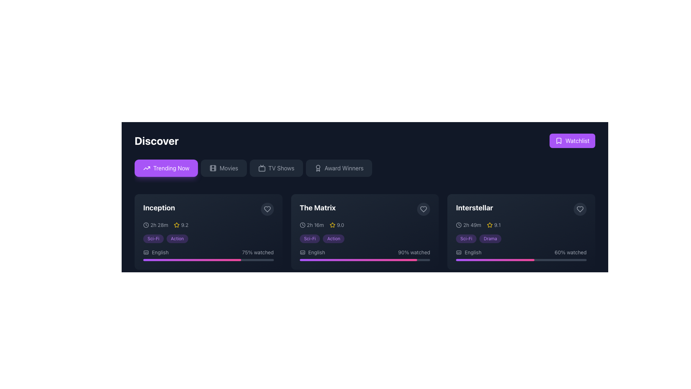 The image size is (691, 389). What do you see at coordinates (472, 224) in the screenshot?
I see `the text indicating the duration of the movie 'Interstellar', which is located to the left of the rating value and star icon` at bounding box center [472, 224].